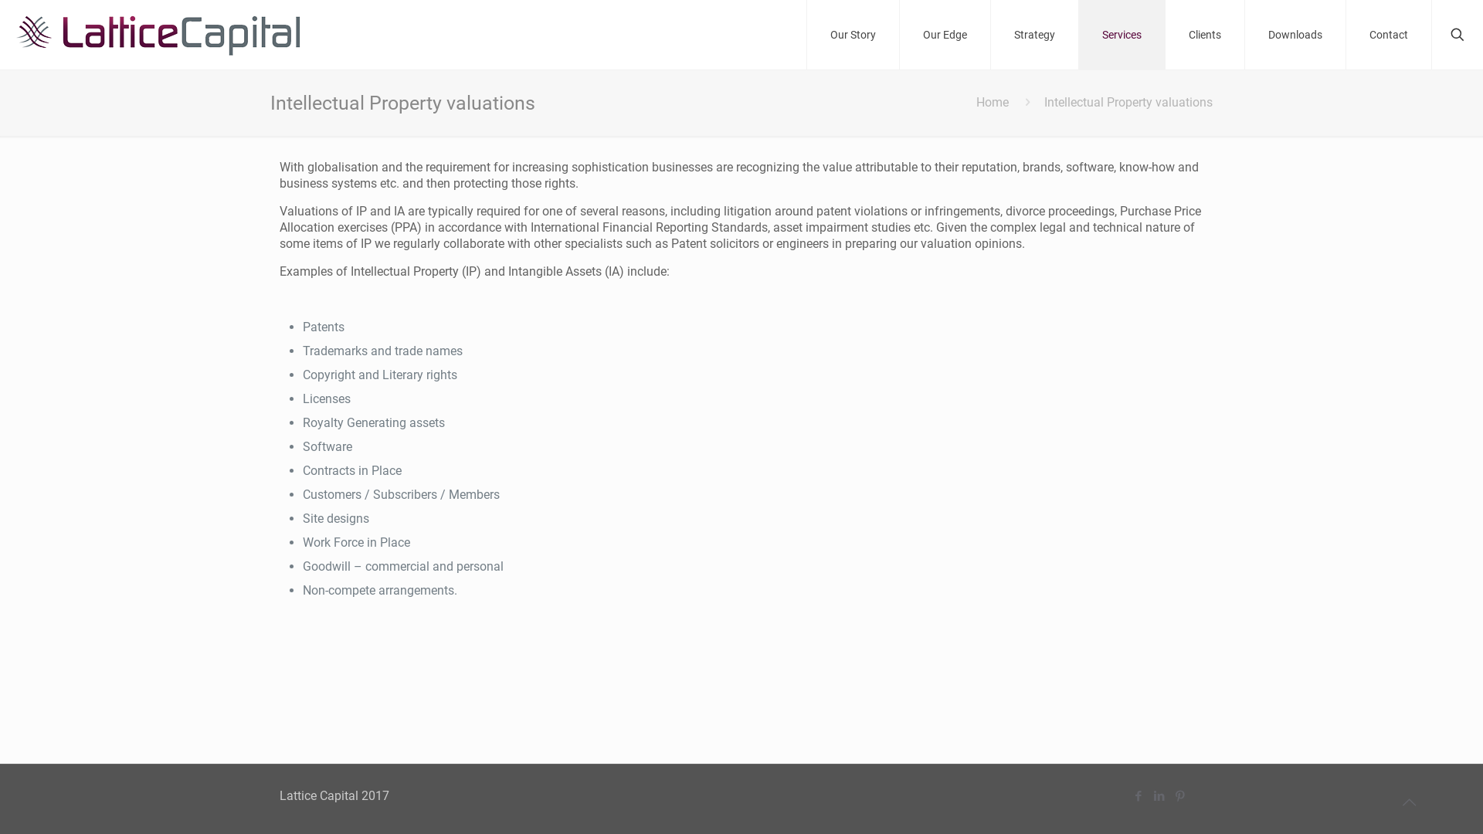 This screenshot has width=1483, height=834. What do you see at coordinates (990, 35) in the screenshot?
I see `'Strategy'` at bounding box center [990, 35].